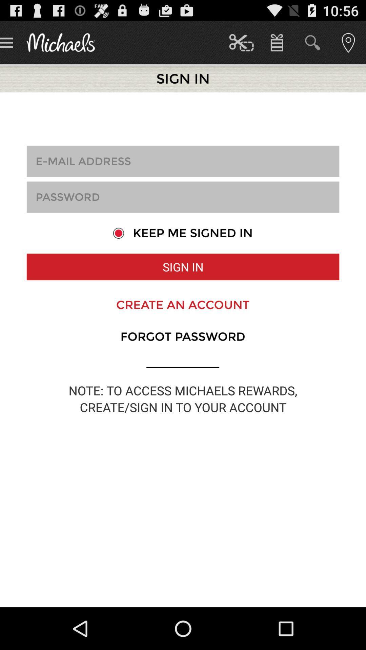 This screenshot has width=366, height=650. What do you see at coordinates (182, 233) in the screenshot?
I see `the keep me signed item` at bounding box center [182, 233].